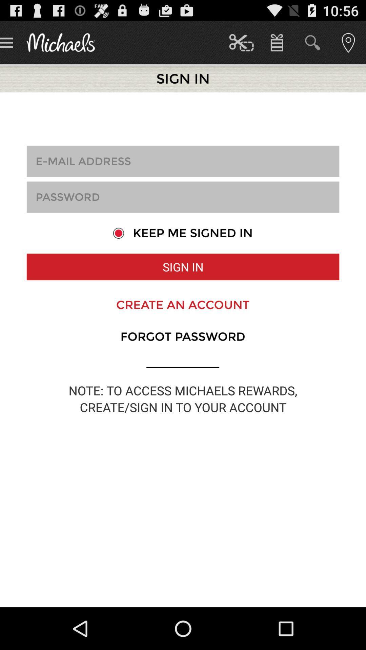 This screenshot has width=366, height=650. What do you see at coordinates (182, 233) in the screenshot?
I see `the keep me signed item` at bounding box center [182, 233].